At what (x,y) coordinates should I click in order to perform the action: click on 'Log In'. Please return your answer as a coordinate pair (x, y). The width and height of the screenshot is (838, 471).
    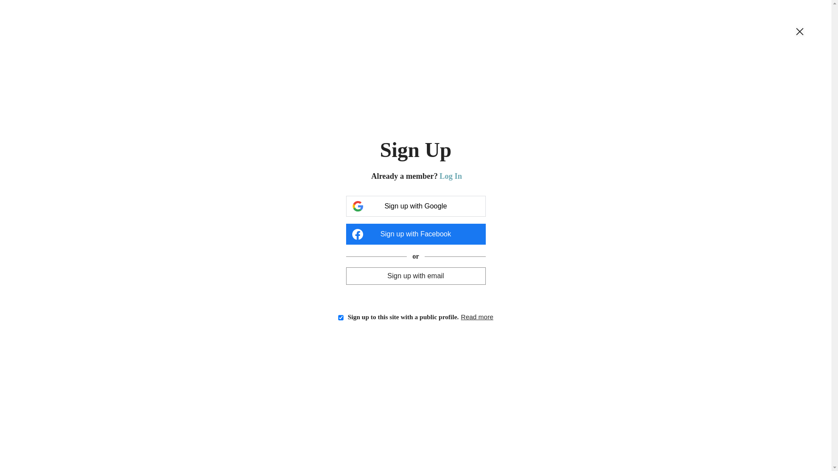
    Looking at the image, I should click on (450, 176).